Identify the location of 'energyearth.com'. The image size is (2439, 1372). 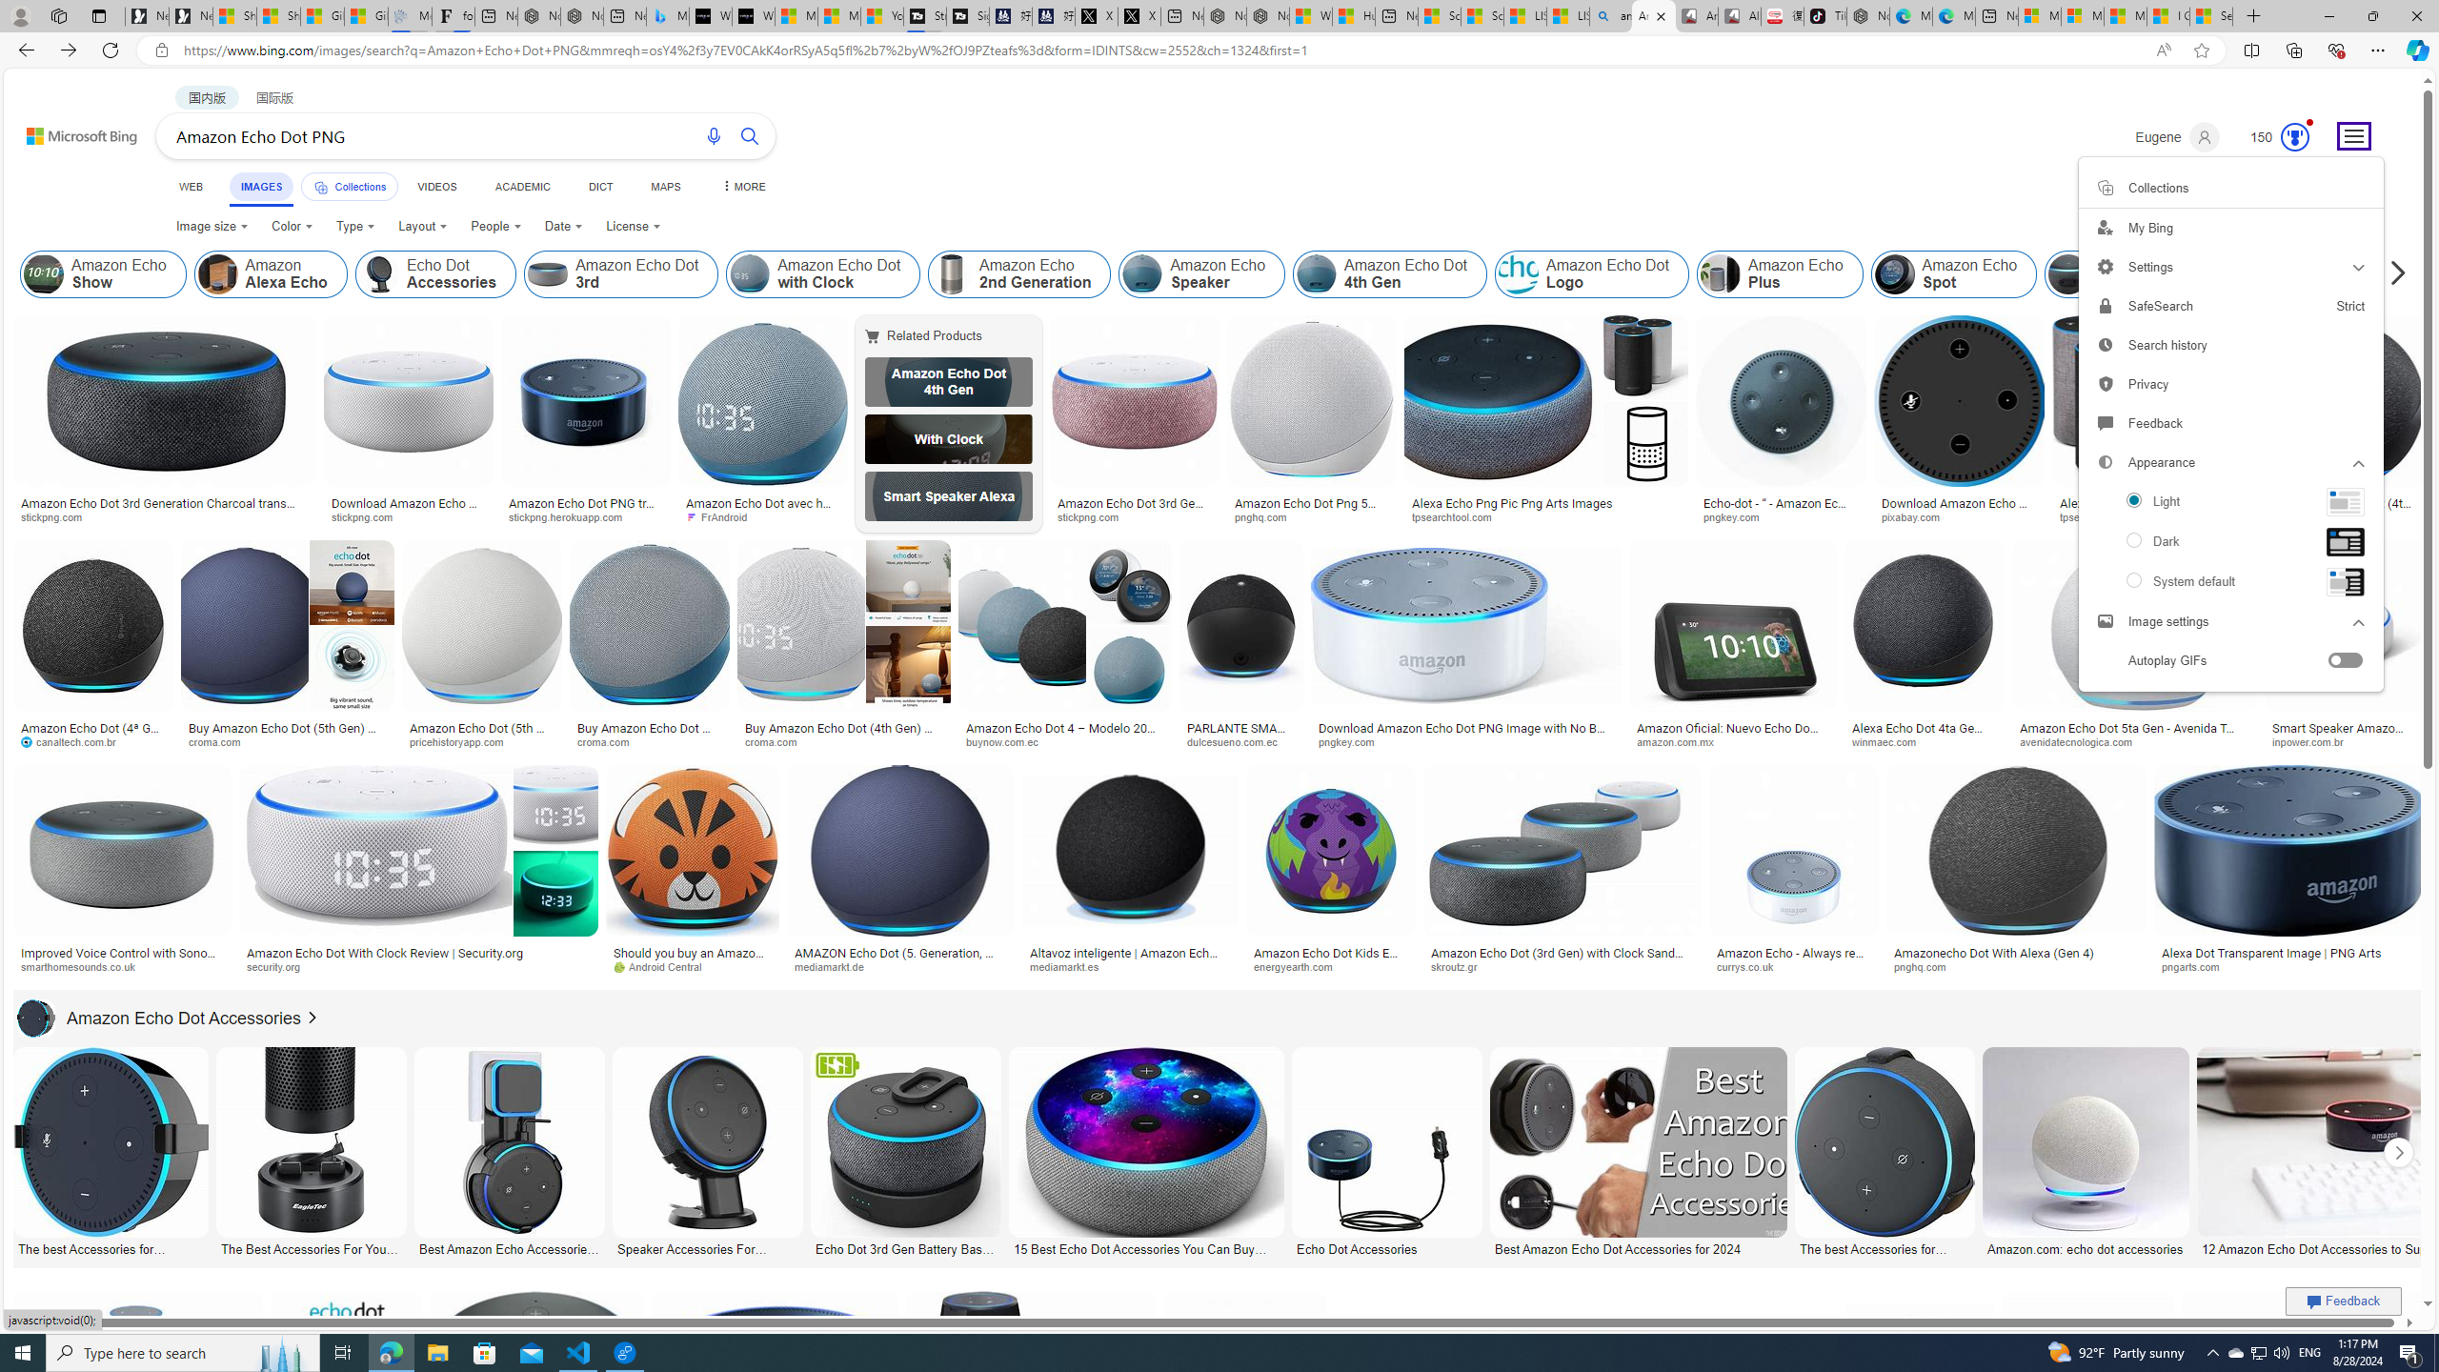
(1329, 966).